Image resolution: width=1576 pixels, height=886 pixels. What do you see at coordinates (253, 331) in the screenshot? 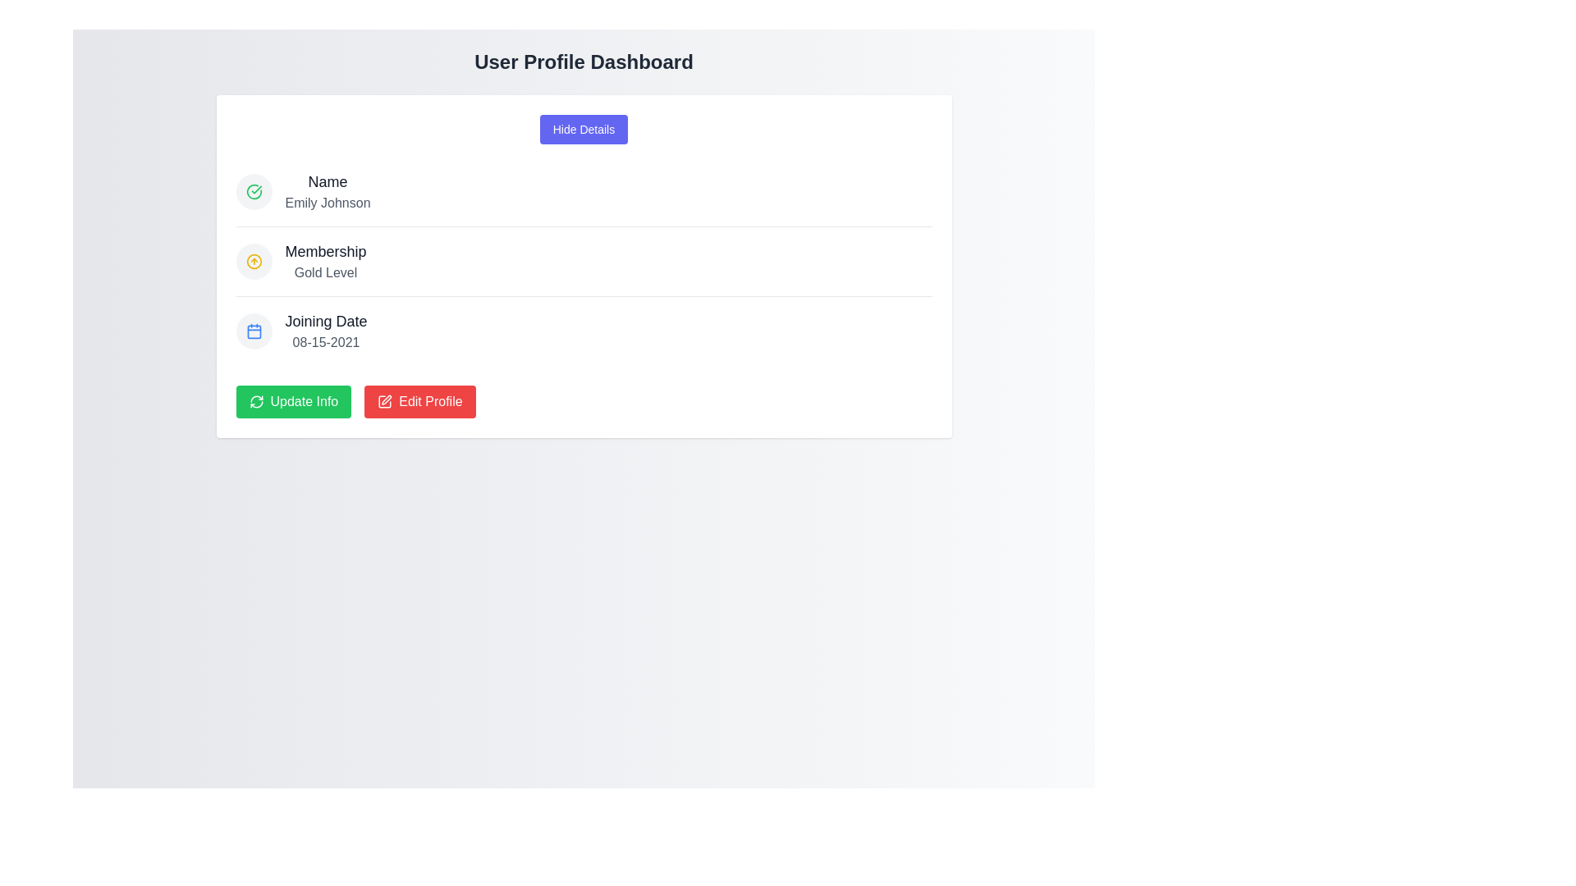
I see `the third icon in the vertical sequence on the user profile dashboard that represents the joining date information, located above the text '08-15-2021'` at bounding box center [253, 331].